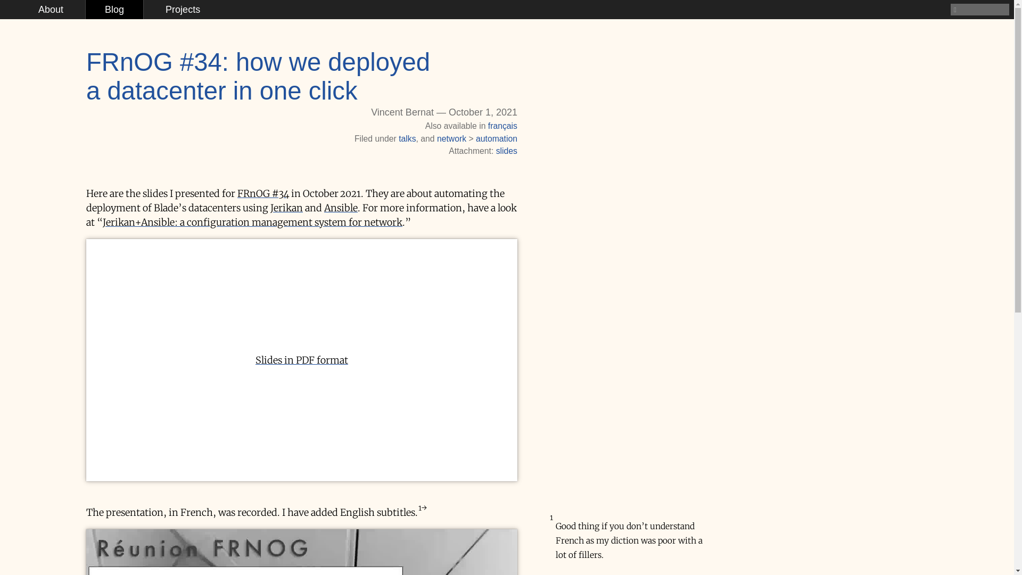  What do you see at coordinates (496, 138) in the screenshot?
I see `'automation'` at bounding box center [496, 138].